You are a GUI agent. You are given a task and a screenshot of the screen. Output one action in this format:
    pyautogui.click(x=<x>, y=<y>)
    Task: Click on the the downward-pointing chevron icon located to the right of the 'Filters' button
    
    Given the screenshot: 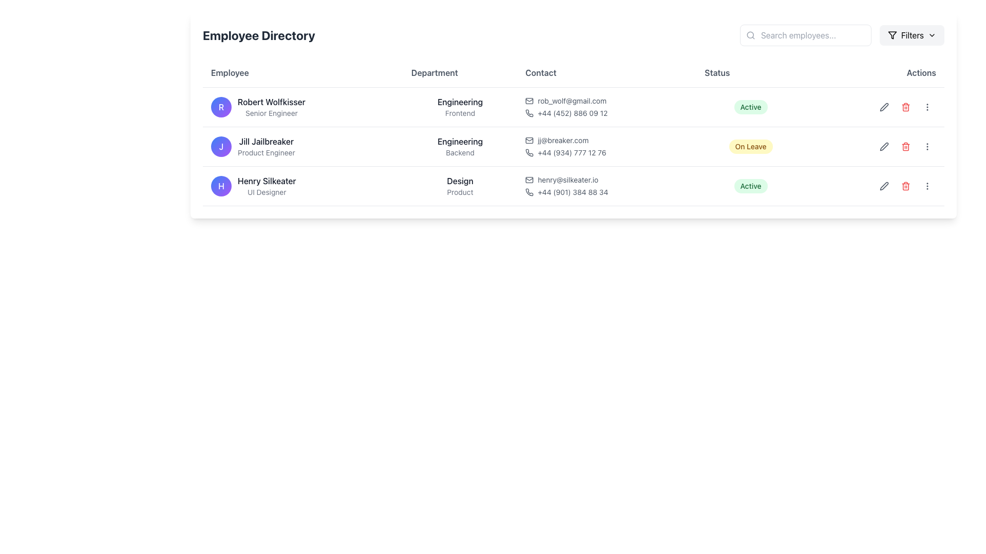 What is the action you would take?
    pyautogui.click(x=932, y=35)
    